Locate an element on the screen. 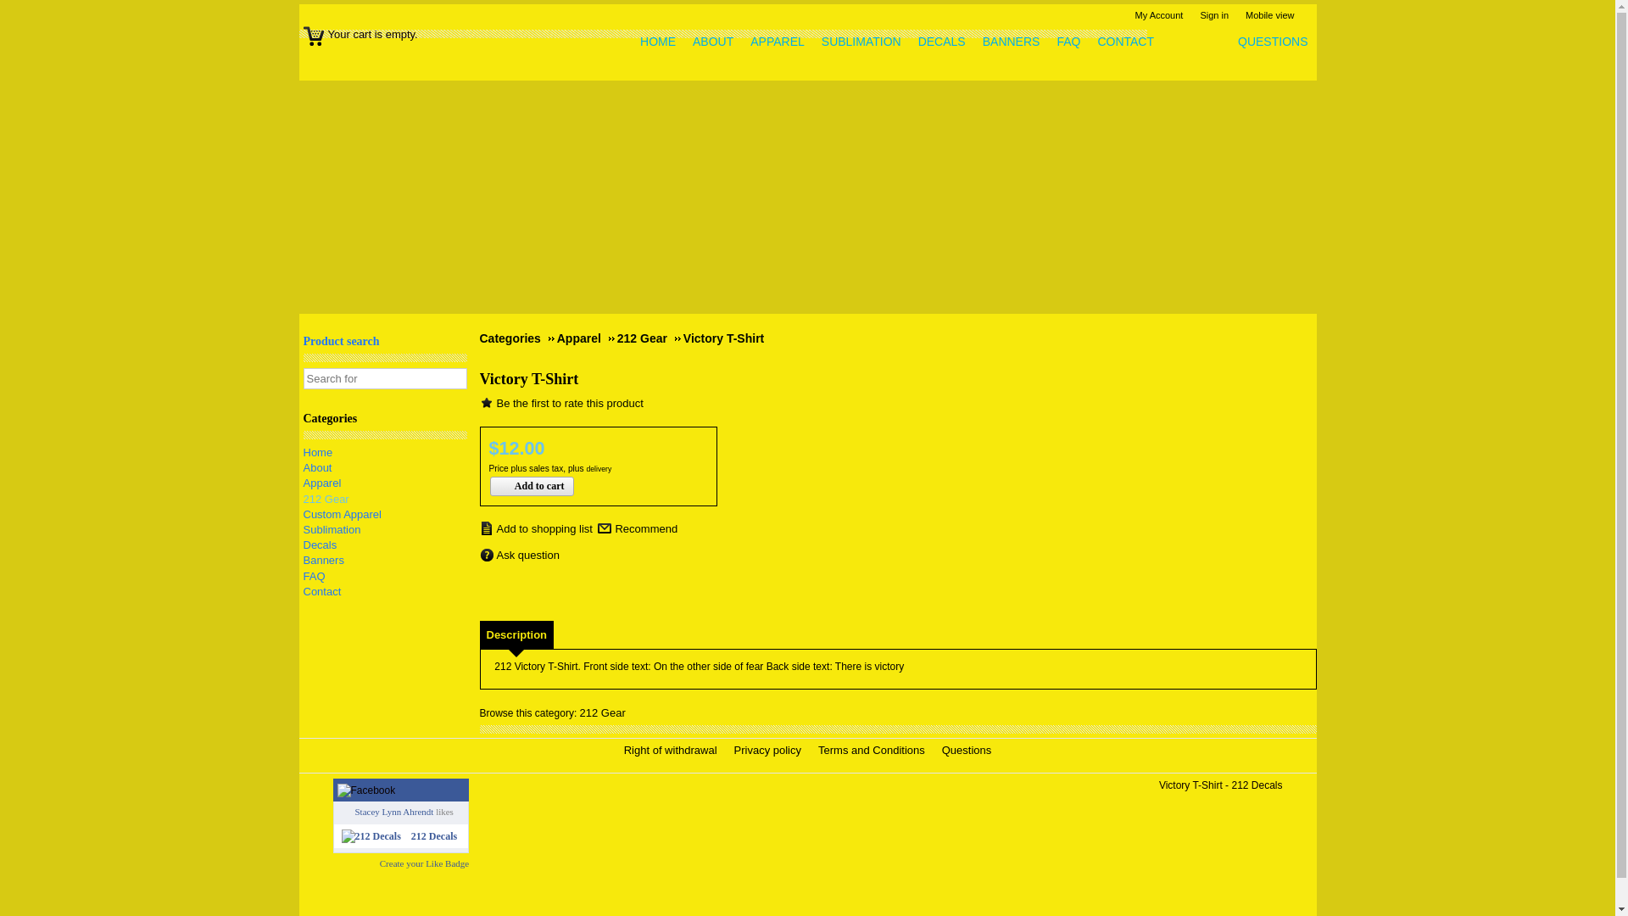  'Right of withdrawal' is located at coordinates (674, 749).